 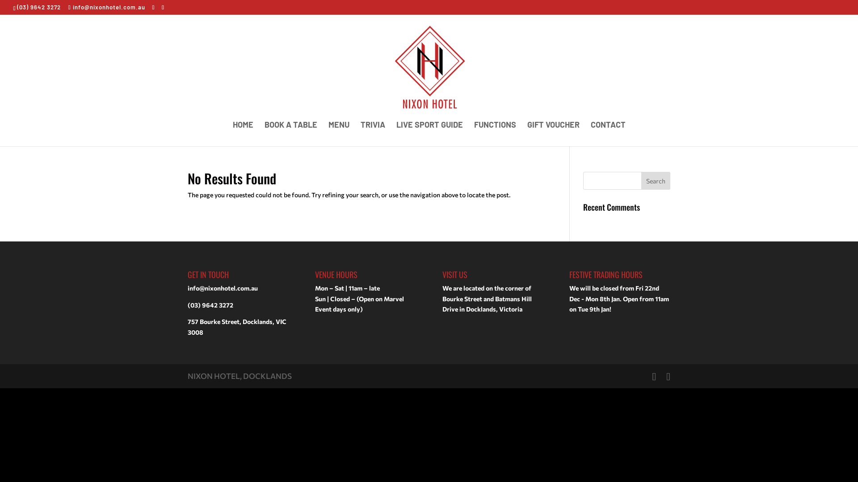 I want to click on '757 Bourke Street, Docklands, VIC 3008', so click(x=237, y=327).